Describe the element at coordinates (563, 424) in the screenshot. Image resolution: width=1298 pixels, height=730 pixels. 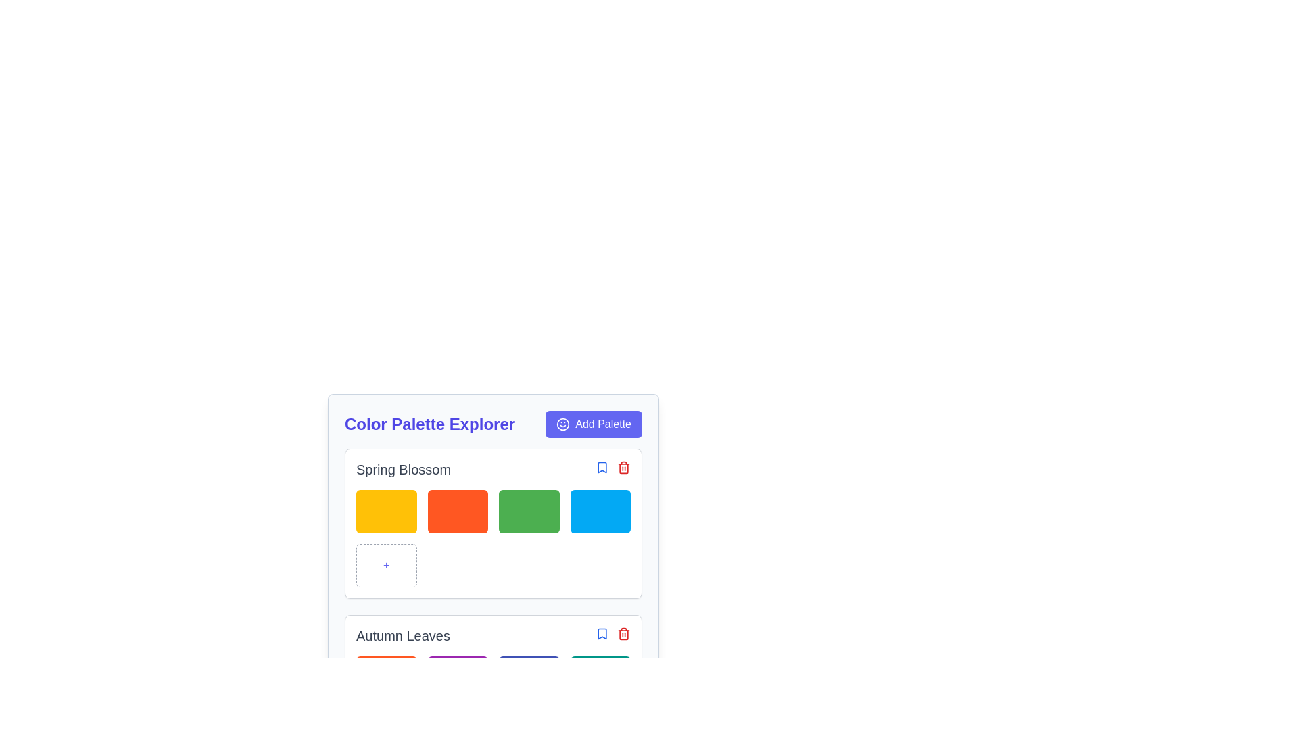
I see `the smiley face icon with a blue outline and white fill located in the top-right corner of the main interface section` at that location.